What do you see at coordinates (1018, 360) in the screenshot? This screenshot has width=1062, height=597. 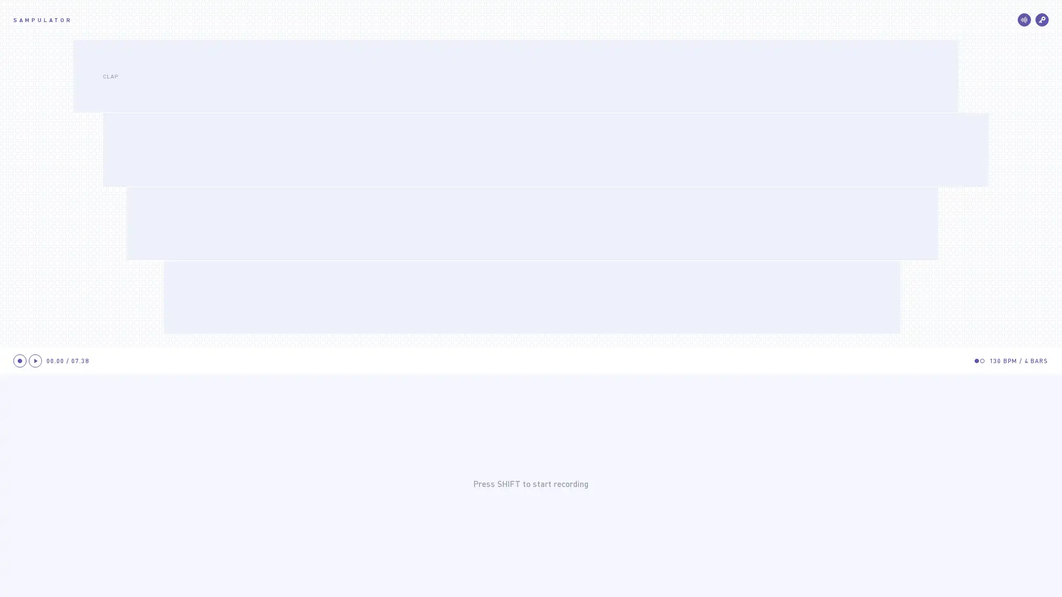 I see `130 BPM/4 BARS` at bounding box center [1018, 360].